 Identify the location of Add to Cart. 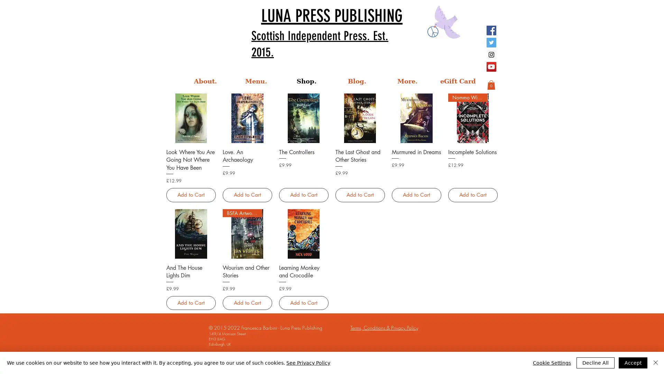
(360, 195).